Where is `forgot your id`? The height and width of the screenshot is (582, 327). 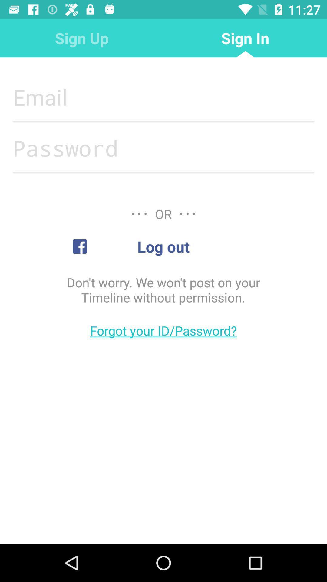
forgot your id is located at coordinates (163, 330).